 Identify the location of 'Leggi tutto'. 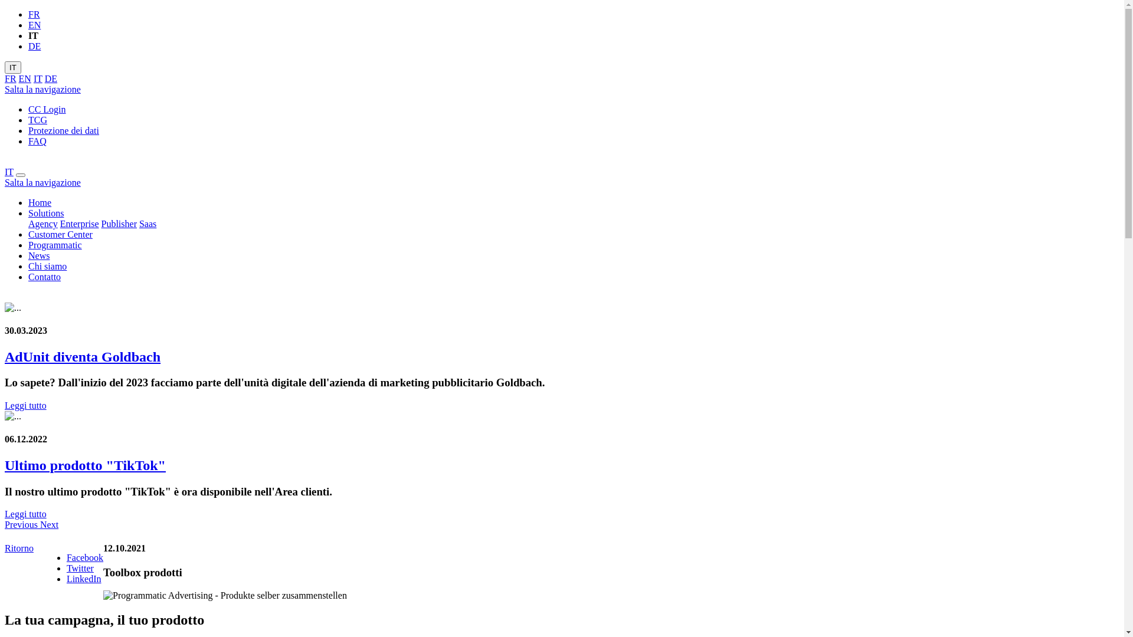
(25, 513).